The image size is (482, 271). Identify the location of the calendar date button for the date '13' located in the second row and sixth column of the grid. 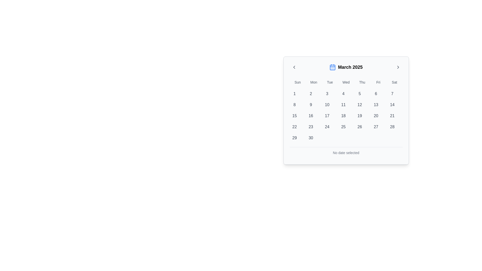
(376, 104).